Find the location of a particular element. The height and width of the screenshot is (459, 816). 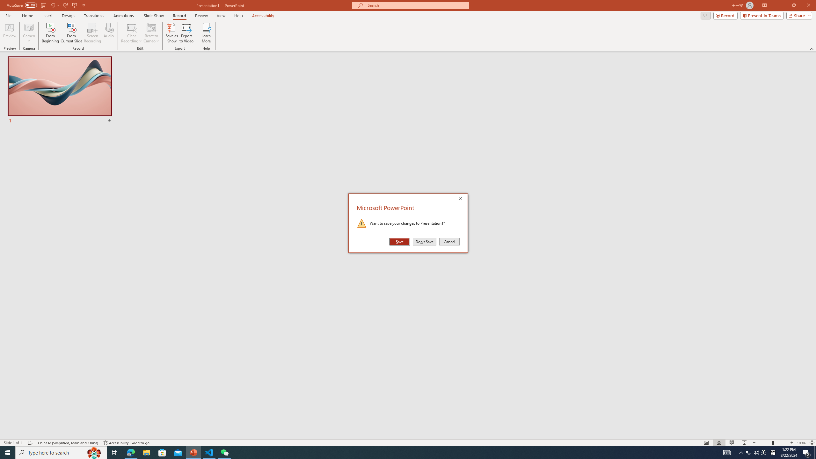

'From Current Slide...' is located at coordinates (71, 33).